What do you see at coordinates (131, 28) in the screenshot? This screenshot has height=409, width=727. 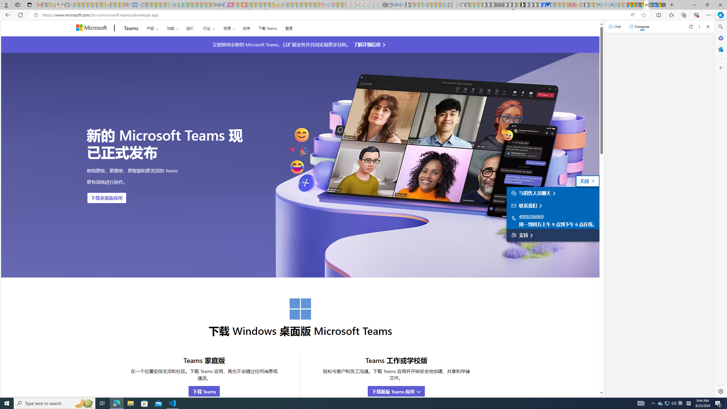 I see `'Teams'` at bounding box center [131, 28].